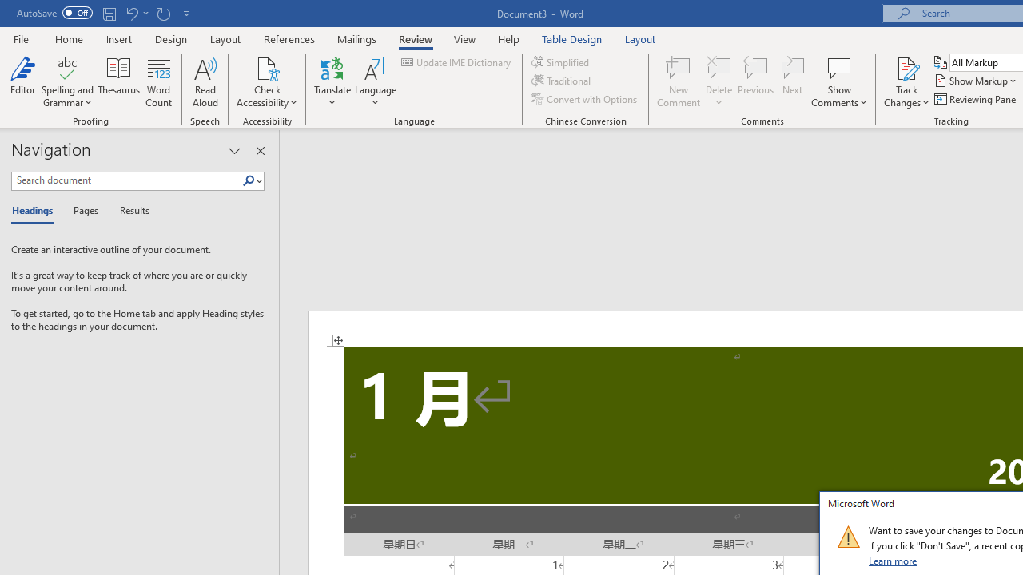 The image size is (1023, 575). I want to click on 'Previous', so click(755, 82).